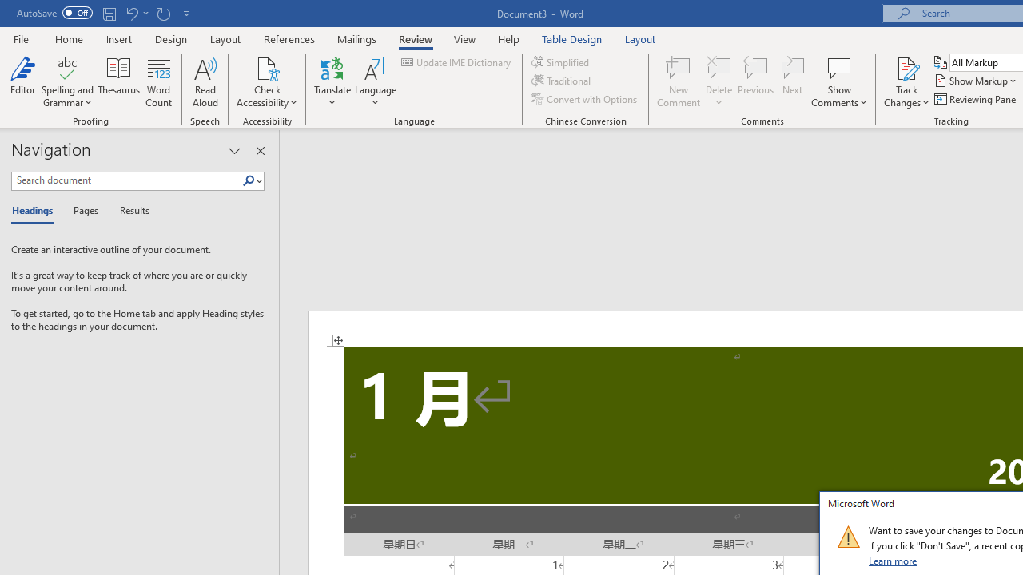 The image size is (1023, 575). I want to click on 'Previous', so click(755, 82).